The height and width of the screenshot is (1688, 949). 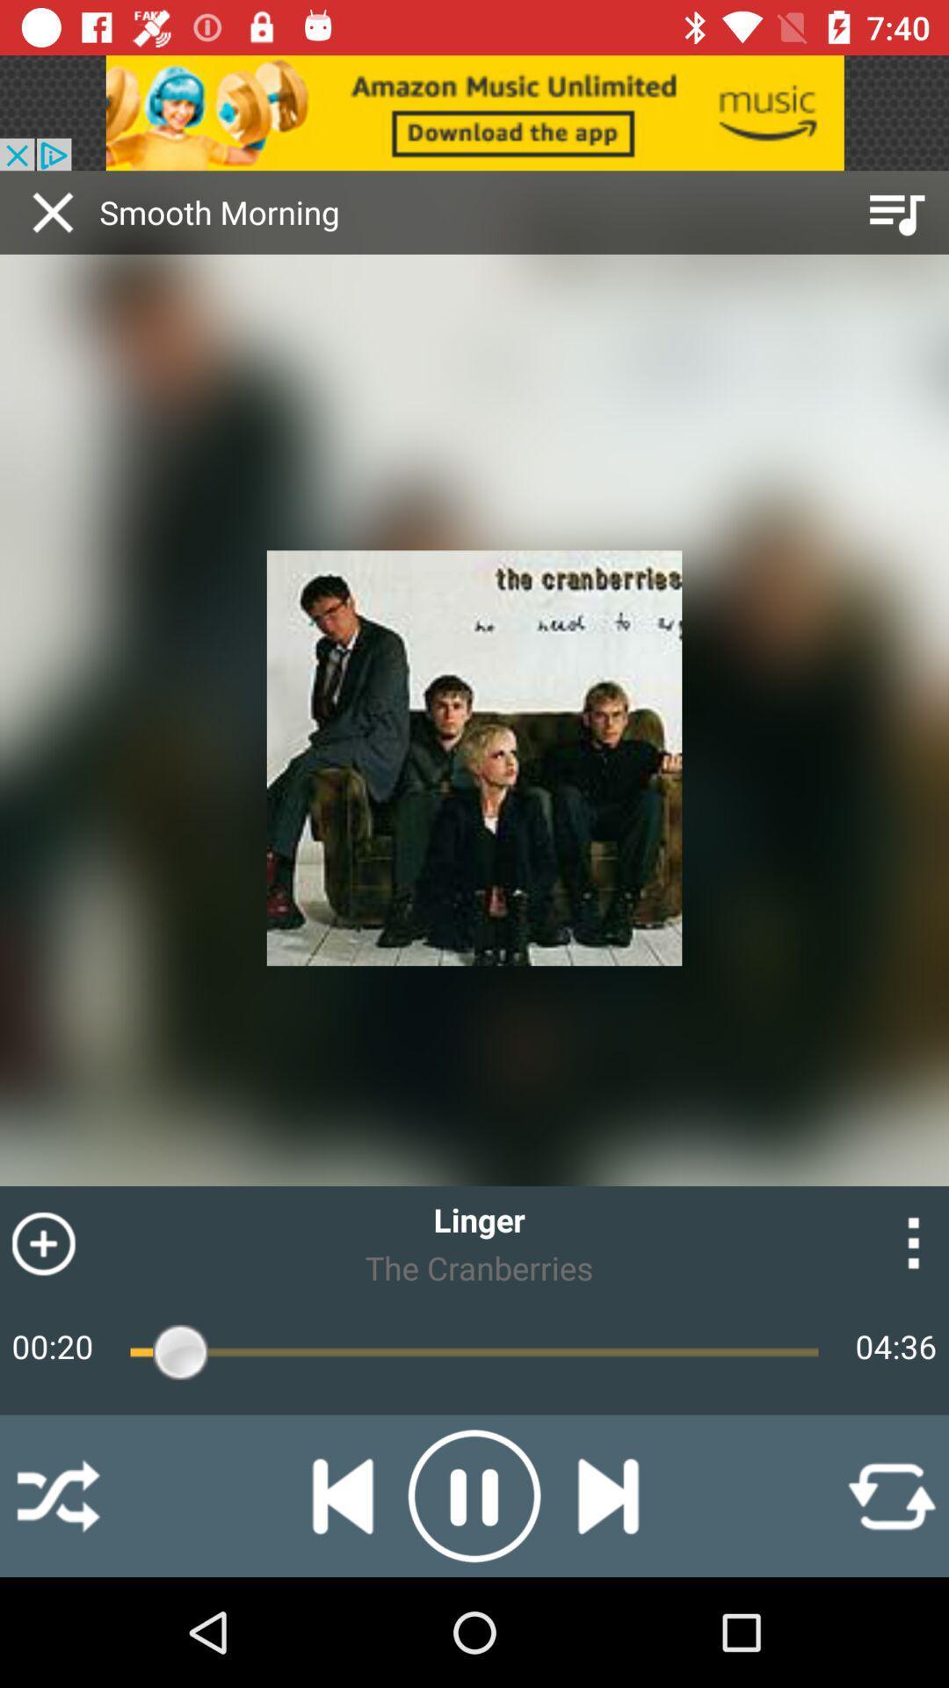 I want to click on the more icon, so click(x=913, y=1242).